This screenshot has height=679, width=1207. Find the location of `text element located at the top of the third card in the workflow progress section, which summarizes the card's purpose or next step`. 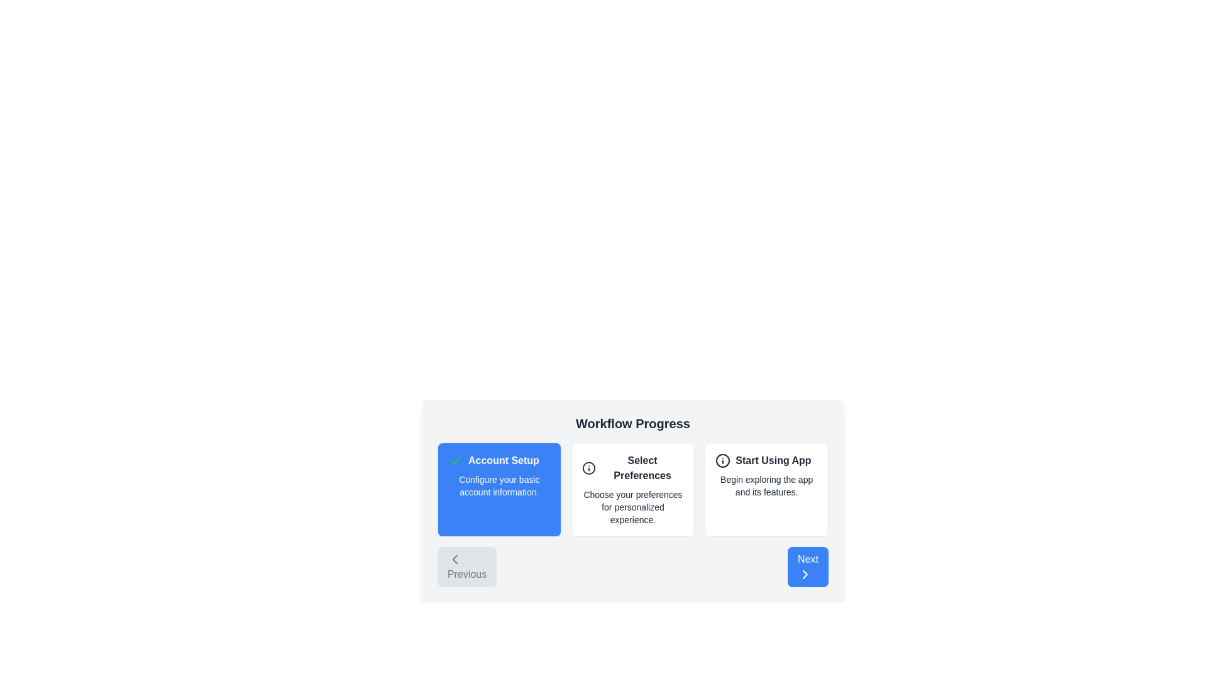

text element located at the top of the third card in the workflow progress section, which summarizes the card's purpose or next step is located at coordinates (766, 460).